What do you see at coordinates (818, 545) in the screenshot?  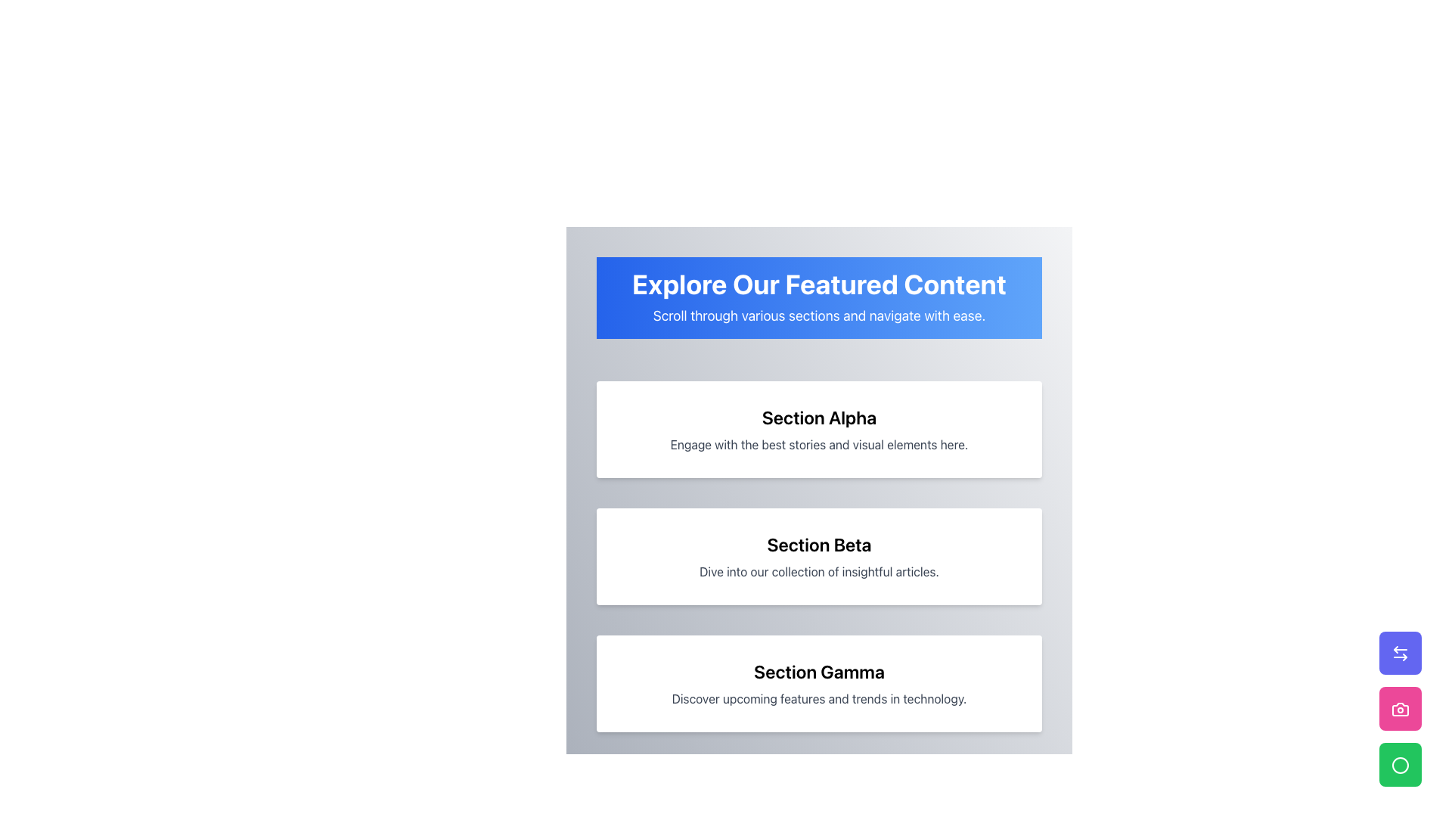 I see `the Text Label that serves as a header for the card, positioned at the top of the second card in the vertical stack` at bounding box center [818, 545].